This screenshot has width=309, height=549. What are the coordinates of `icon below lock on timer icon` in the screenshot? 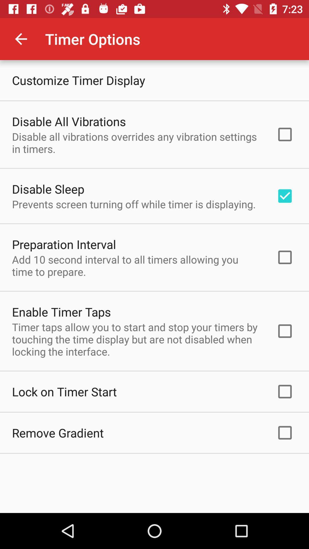 It's located at (58, 433).